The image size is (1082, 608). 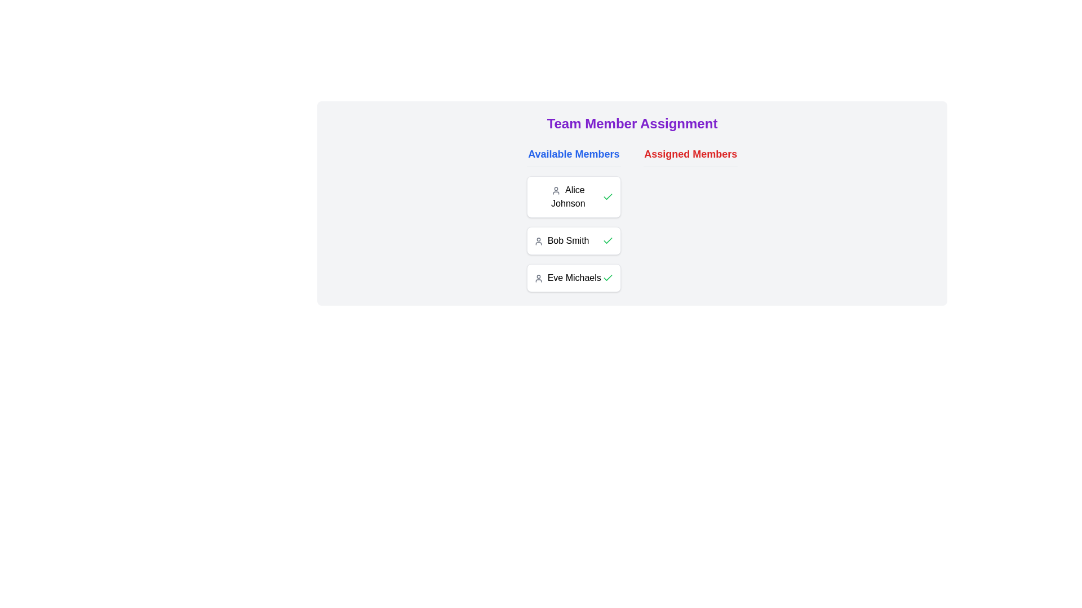 What do you see at coordinates (573, 240) in the screenshot?
I see `the second user card` at bounding box center [573, 240].